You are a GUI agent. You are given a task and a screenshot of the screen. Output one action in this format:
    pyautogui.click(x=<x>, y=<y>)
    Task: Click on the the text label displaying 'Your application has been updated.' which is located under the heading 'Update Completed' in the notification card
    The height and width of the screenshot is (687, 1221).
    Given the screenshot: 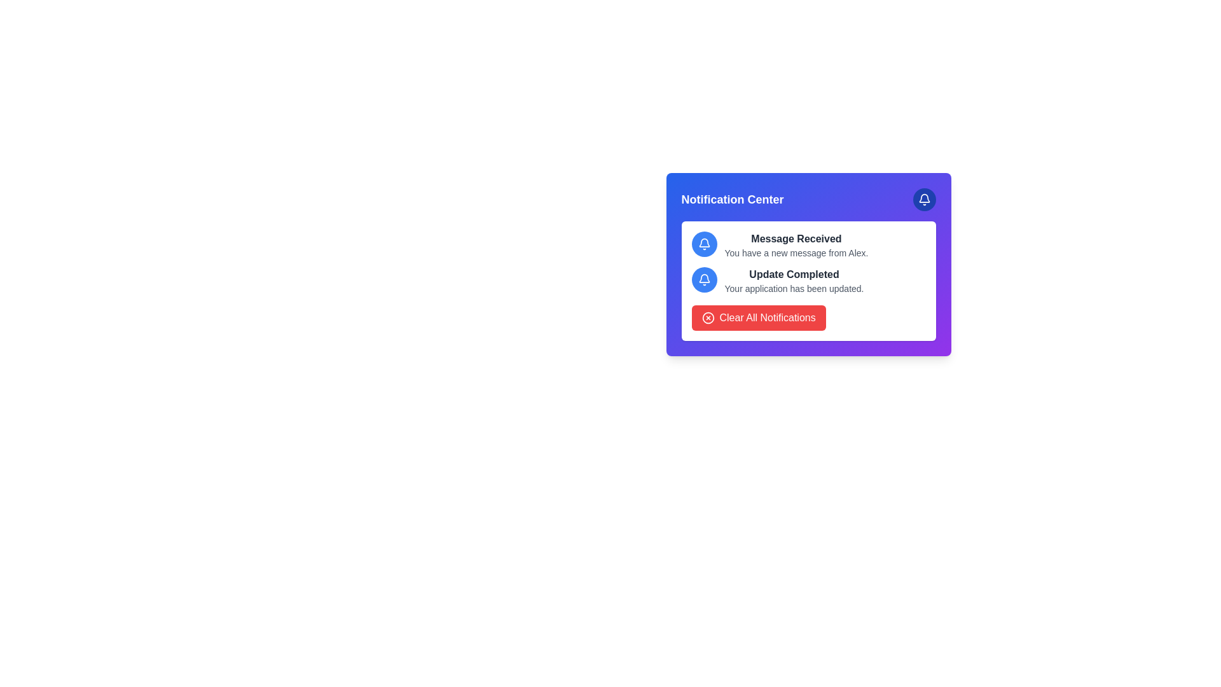 What is the action you would take?
    pyautogui.click(x=793, y=289)
    